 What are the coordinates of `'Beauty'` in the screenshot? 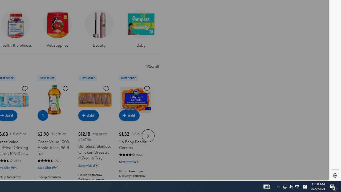 It's located at (99, 27).